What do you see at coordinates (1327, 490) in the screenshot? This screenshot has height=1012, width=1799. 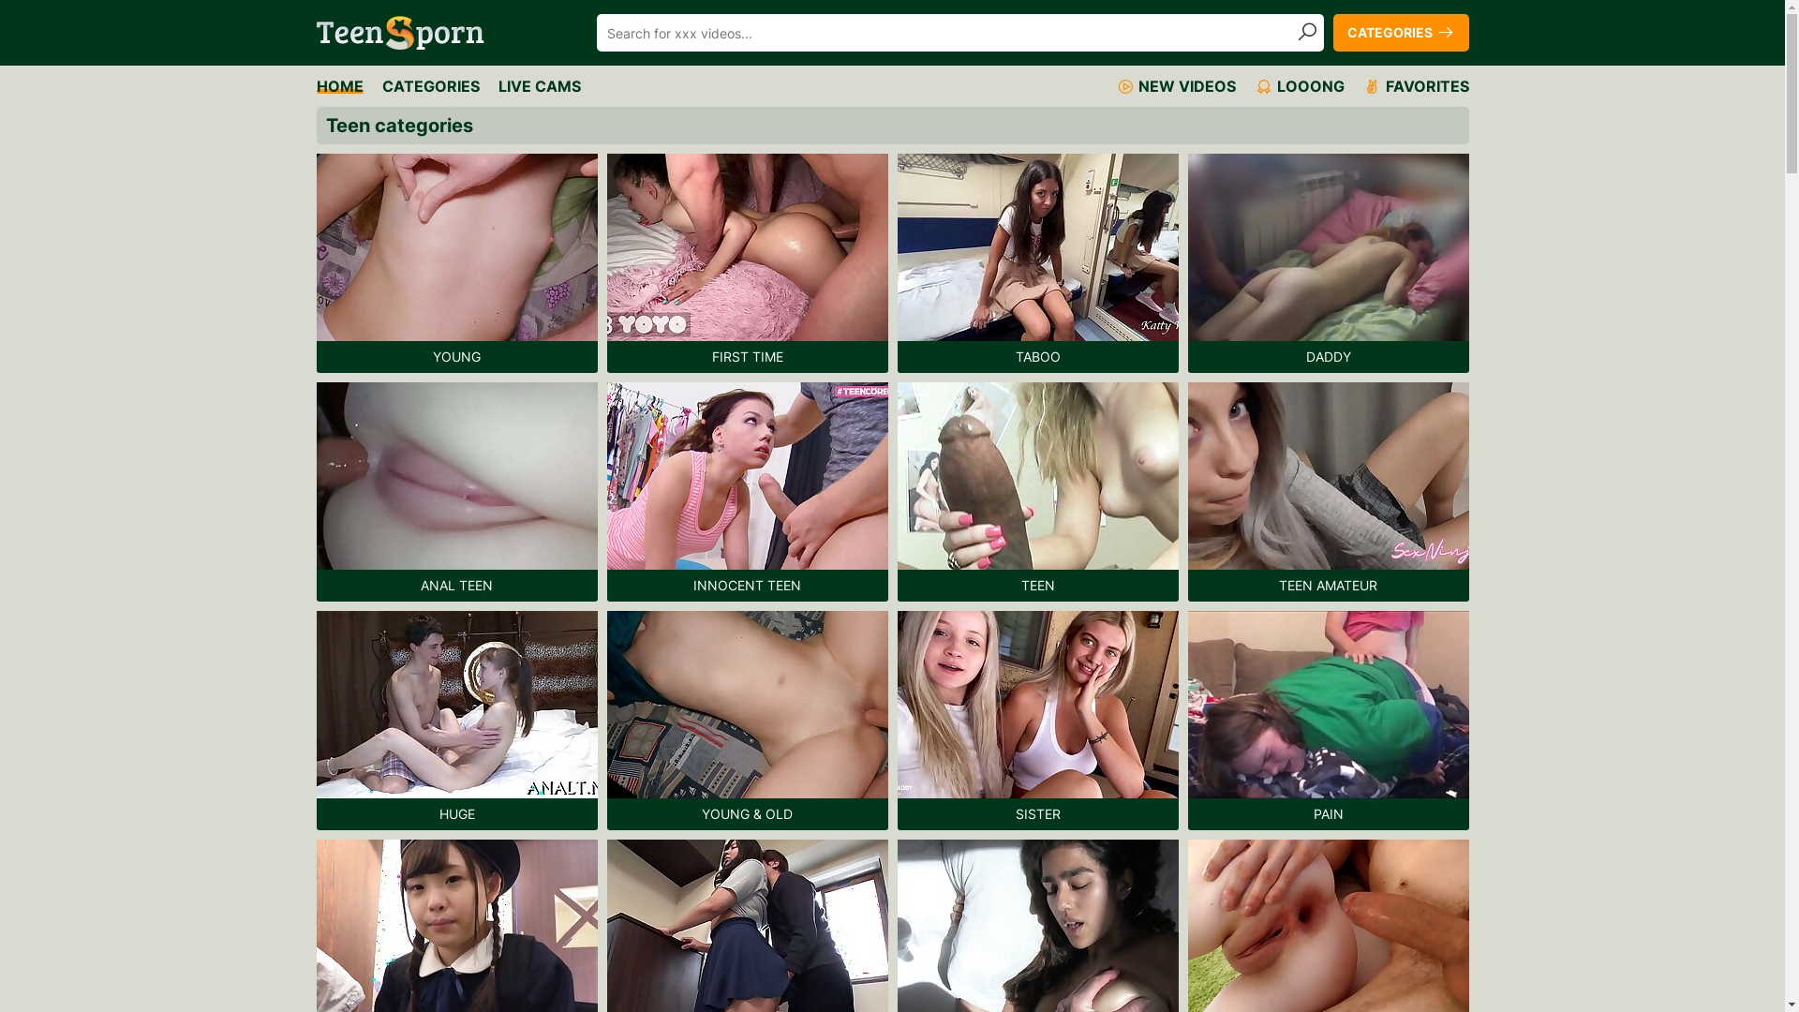 I see `'TEEN AMATEUR'` at bounding box center [1327, 490].